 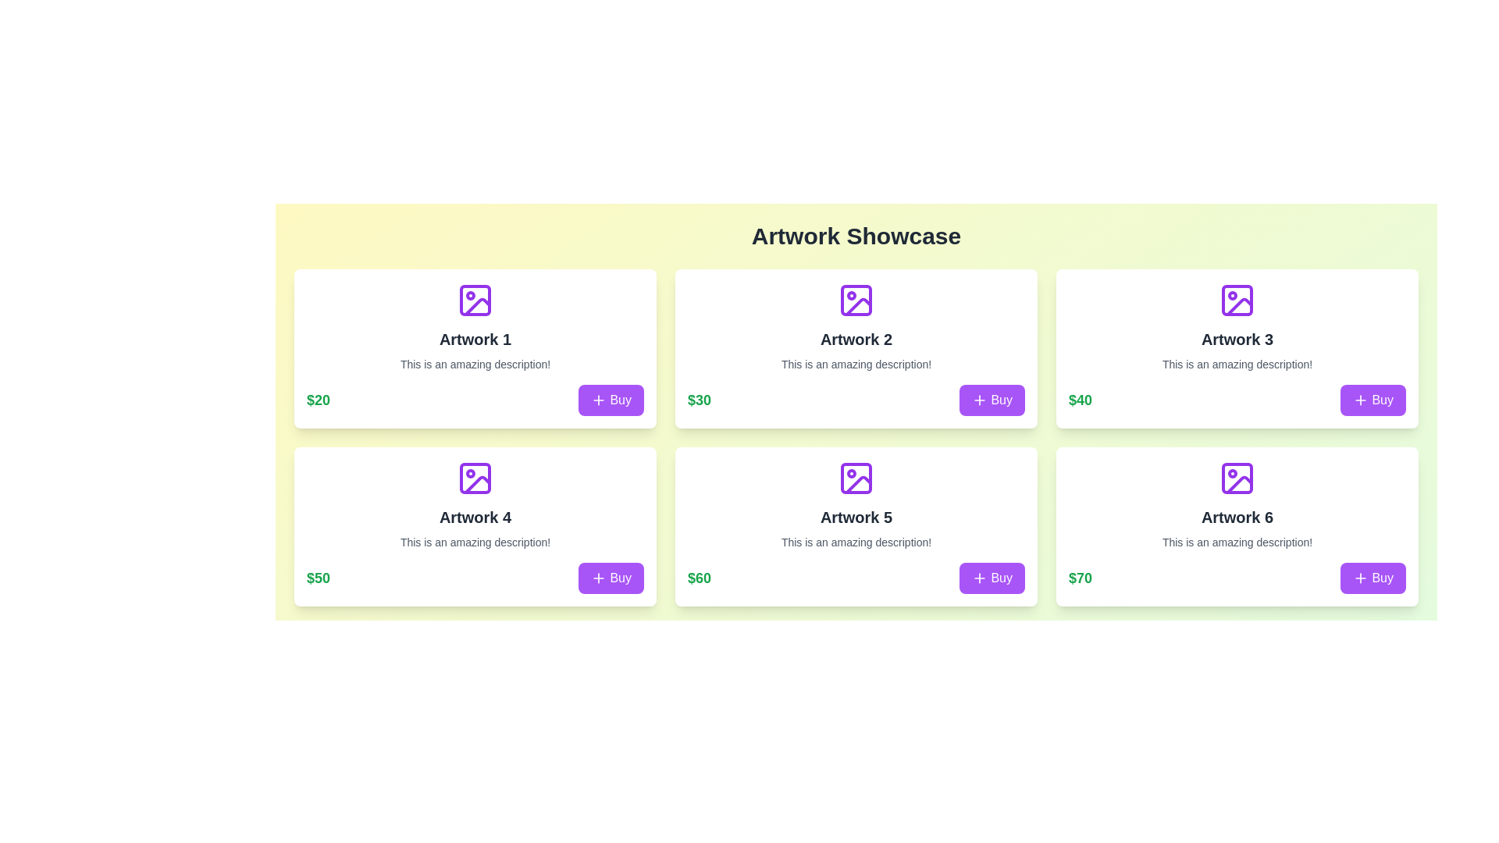 I want to click on the bold, green text label displaying the price '$70' located in the lower-left corner of the 'Artwork 6' card, immediately to the left of the 'Buy' button, so click(x=1079, y=578).